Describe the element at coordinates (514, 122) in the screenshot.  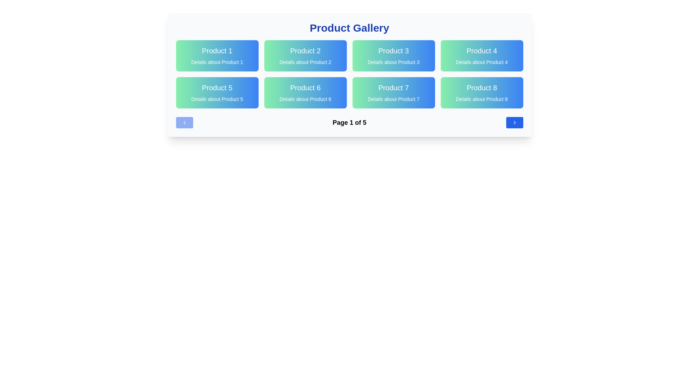
I see `the blue rounded rectangular button with a chevron arrow pointing to the right, which is located at the bottom-right corner of the pagination controls` at that location.